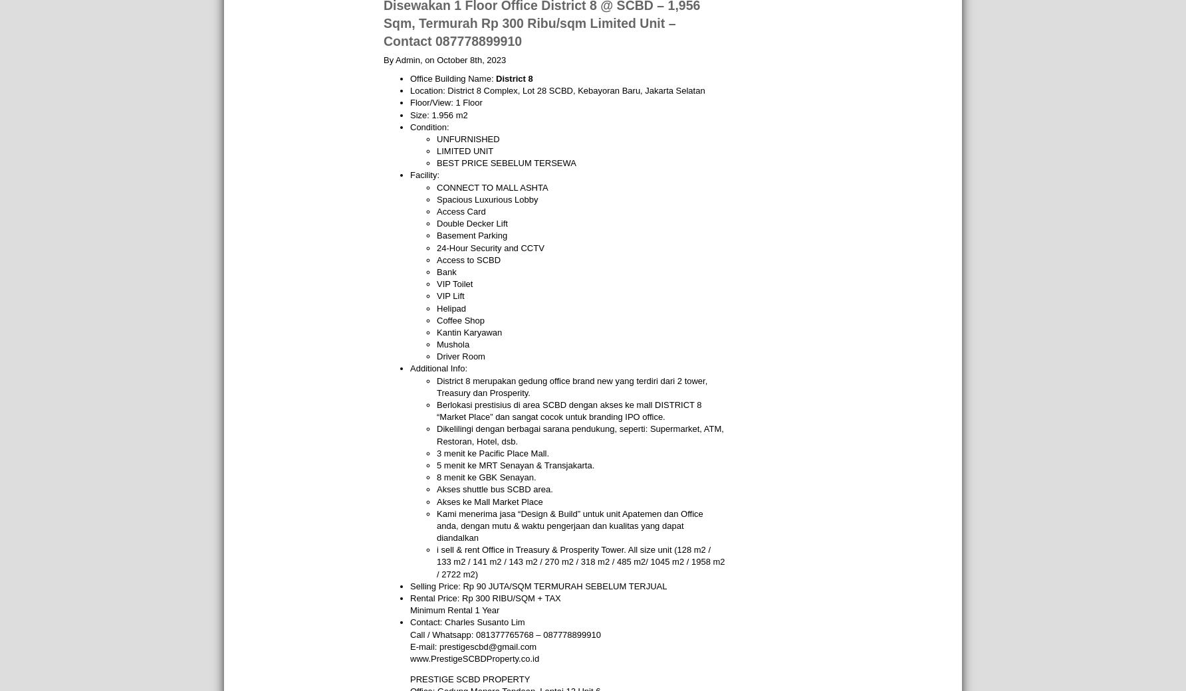 This screenshot has height=691, width=1186. What do you see at coordinates (436, 501) in the screenshot?
I see `'Akses ke Mall Market Place'` at bounding box center [436, 501].